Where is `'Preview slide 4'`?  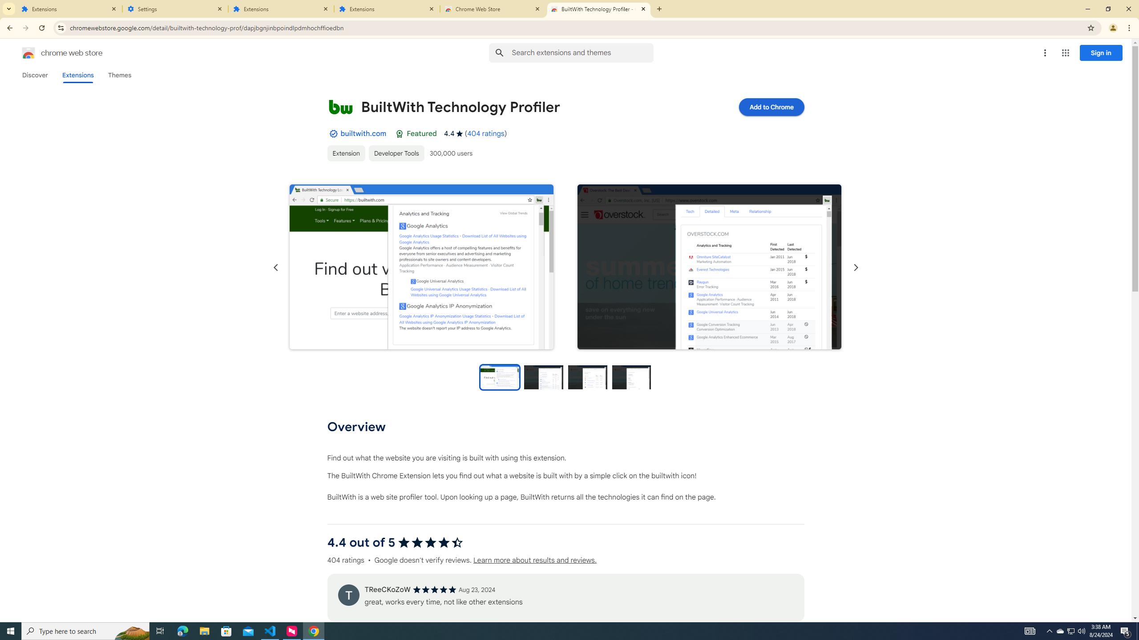
'Preview slide 4' is located at coordinates (631, 376).